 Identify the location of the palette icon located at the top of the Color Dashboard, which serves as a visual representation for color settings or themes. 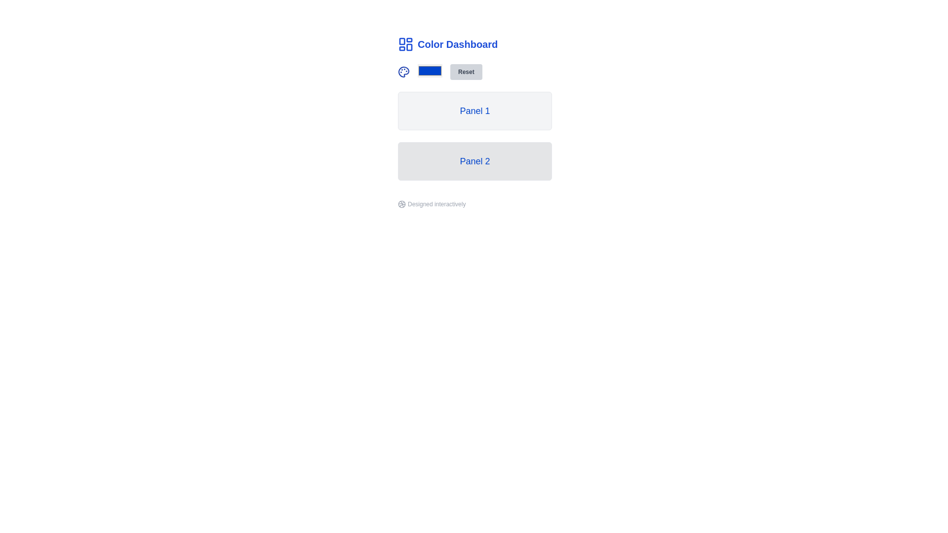
(403, 72).